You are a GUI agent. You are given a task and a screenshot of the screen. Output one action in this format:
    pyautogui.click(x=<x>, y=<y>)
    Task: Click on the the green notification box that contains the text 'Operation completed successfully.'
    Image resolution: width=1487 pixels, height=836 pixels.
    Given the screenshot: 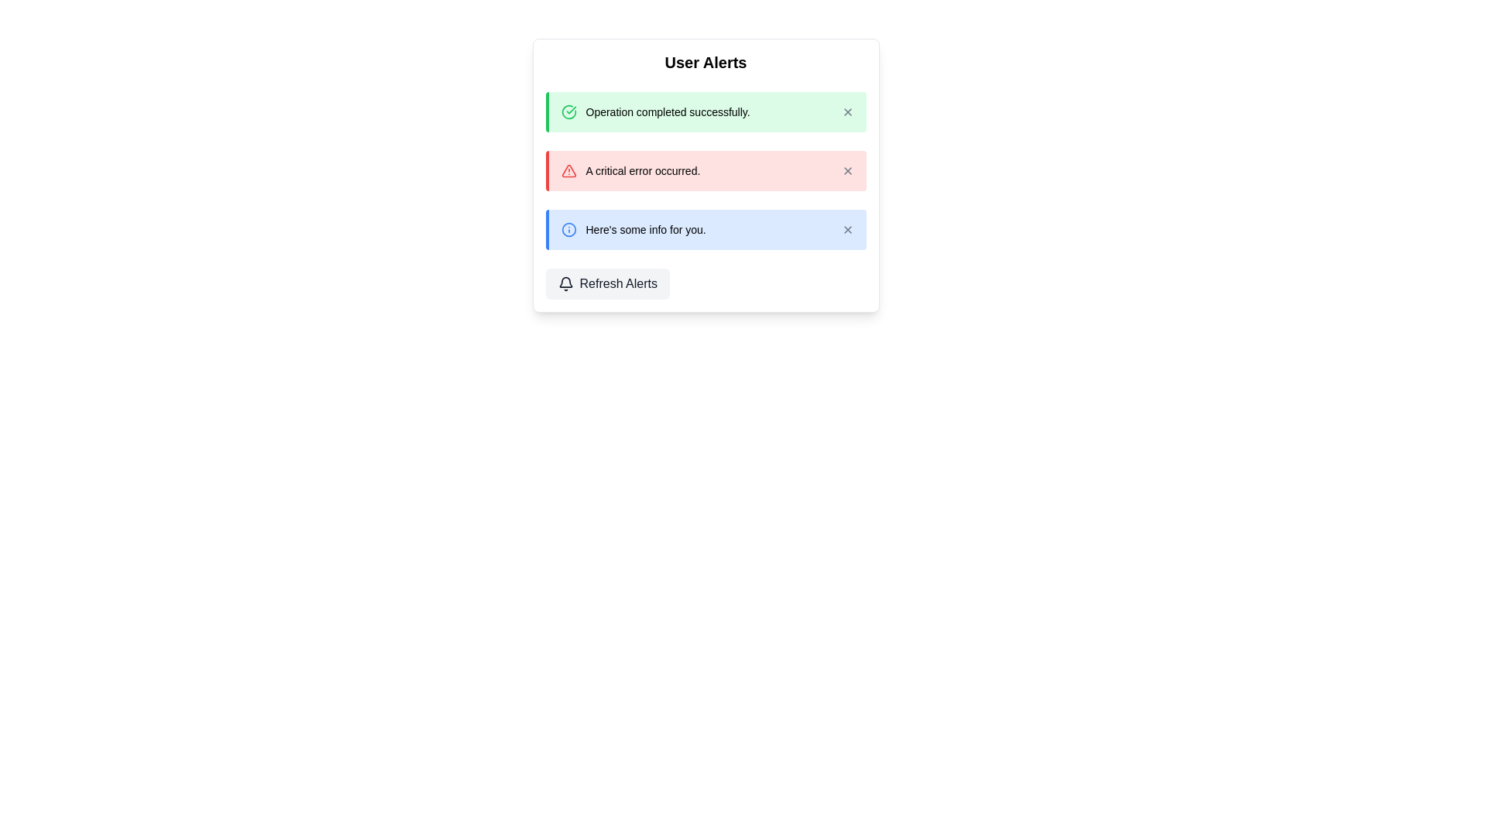 What is the action you would take?
    pyautogui.click(x=705, y=111)
    